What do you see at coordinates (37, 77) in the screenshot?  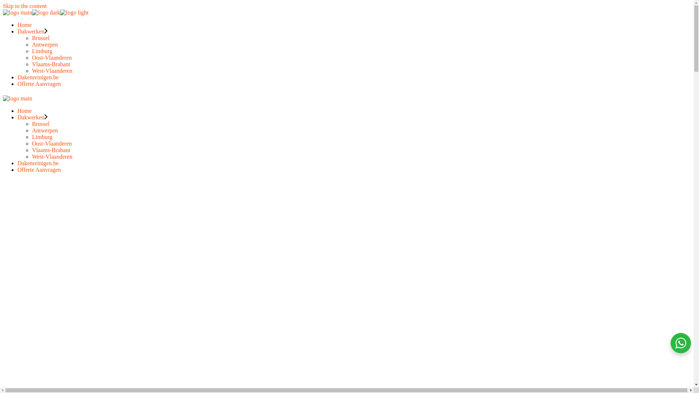 I see `'Dakenreinigen.be'` at bounding box center [37, 77].